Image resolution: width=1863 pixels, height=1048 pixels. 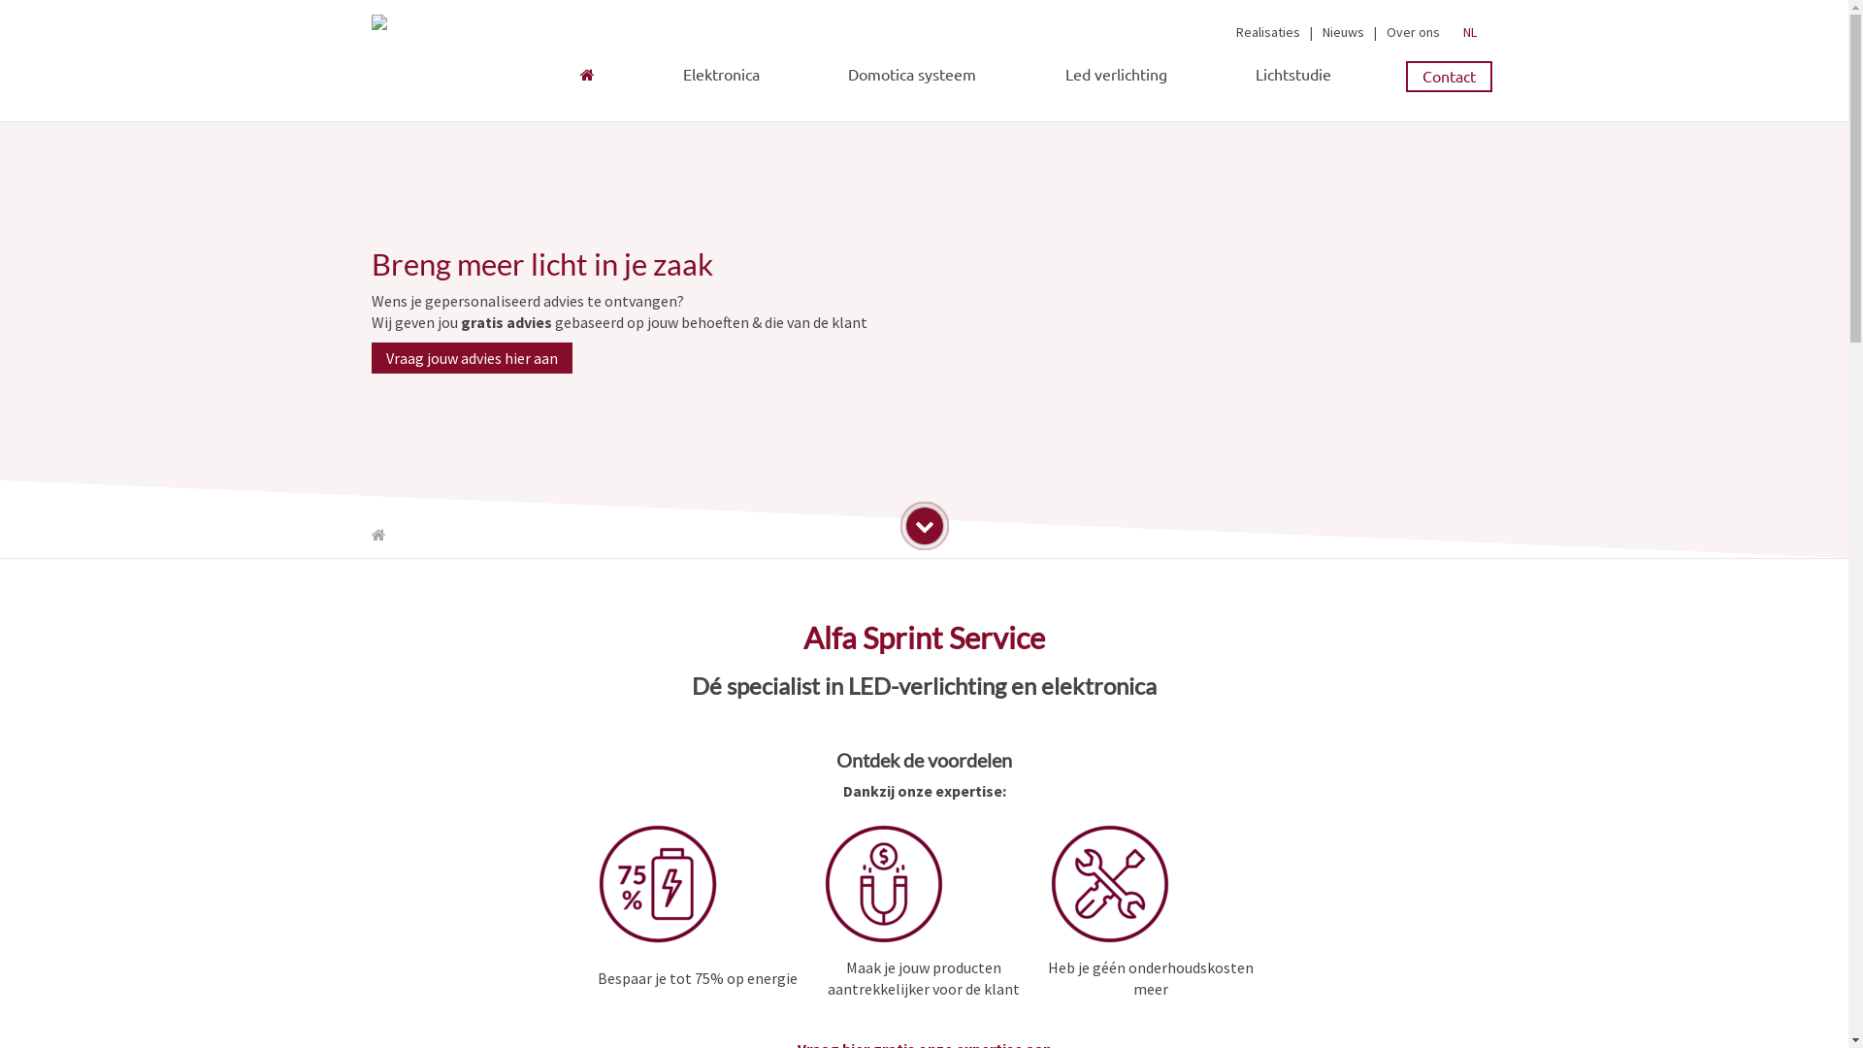 What do you see at coordinates (1341, 32) in the screenshot?
I see `'Nieuws'` at bounding box center [1341, 32].